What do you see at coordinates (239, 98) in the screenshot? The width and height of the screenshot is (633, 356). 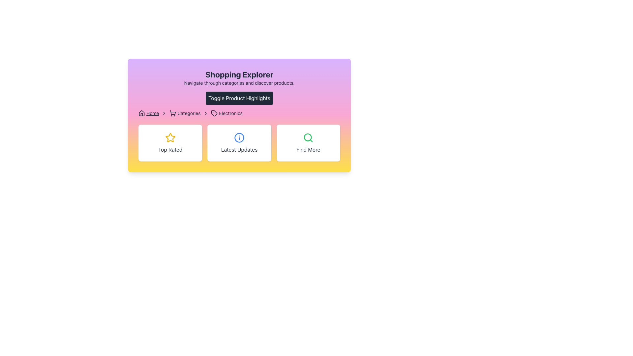 I see `the 'Toggle Product Highlights' button, which is a rectangular button with a dark gray background and white text, to potentially display a tooltip` at bounding box center [239, 98].